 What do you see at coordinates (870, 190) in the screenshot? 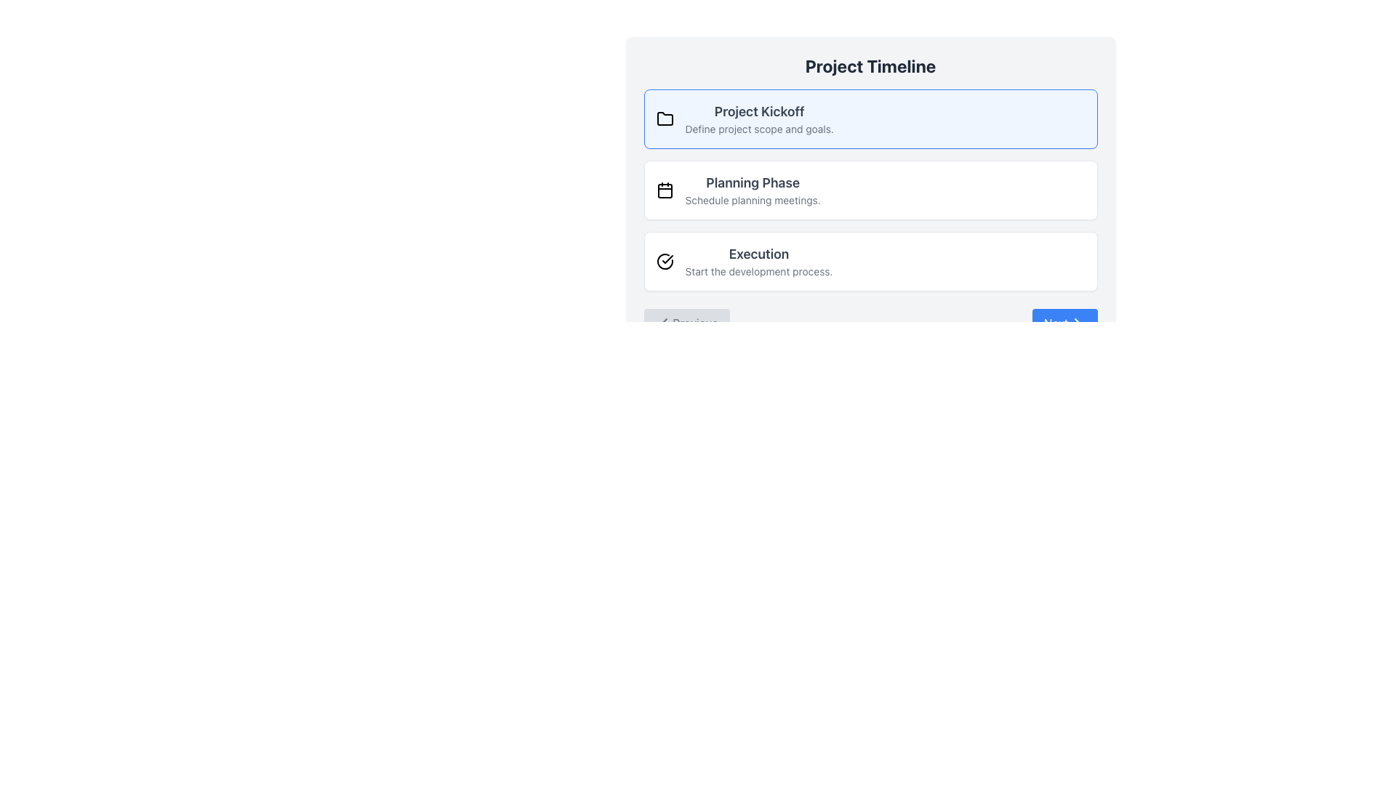
I see `the informational card labeled 'Schedule planning meetings.' located in the 'Planning Phase' section of the list` at bounding box center [870, 190].